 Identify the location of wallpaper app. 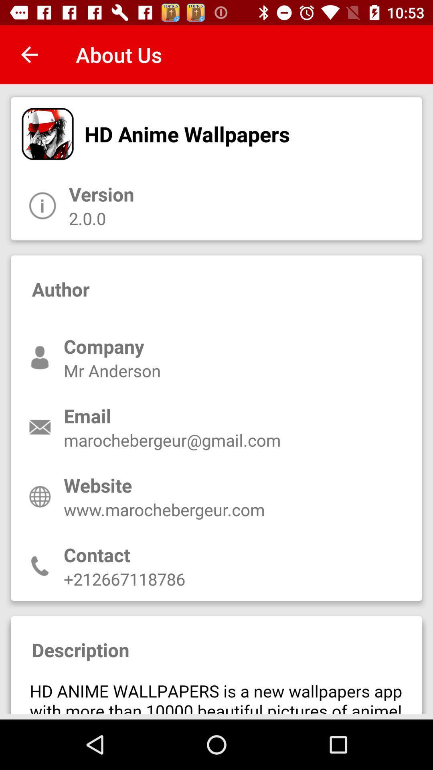
(216, 693).